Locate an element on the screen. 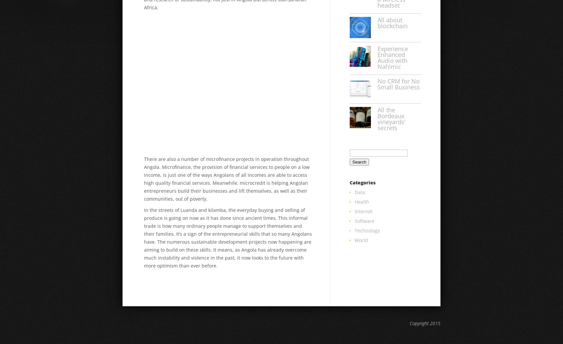  'Health' is located at coordinates (355, 202).